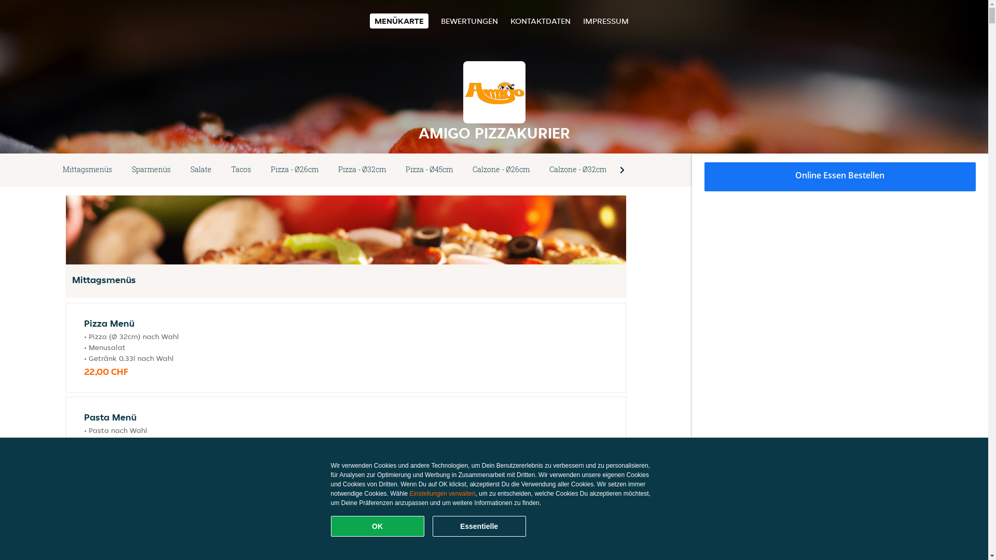 Image resolution: width=996 pixels, height=560 pixels. I want to click on 'BEWERTUNGEN', so click(469, 21).